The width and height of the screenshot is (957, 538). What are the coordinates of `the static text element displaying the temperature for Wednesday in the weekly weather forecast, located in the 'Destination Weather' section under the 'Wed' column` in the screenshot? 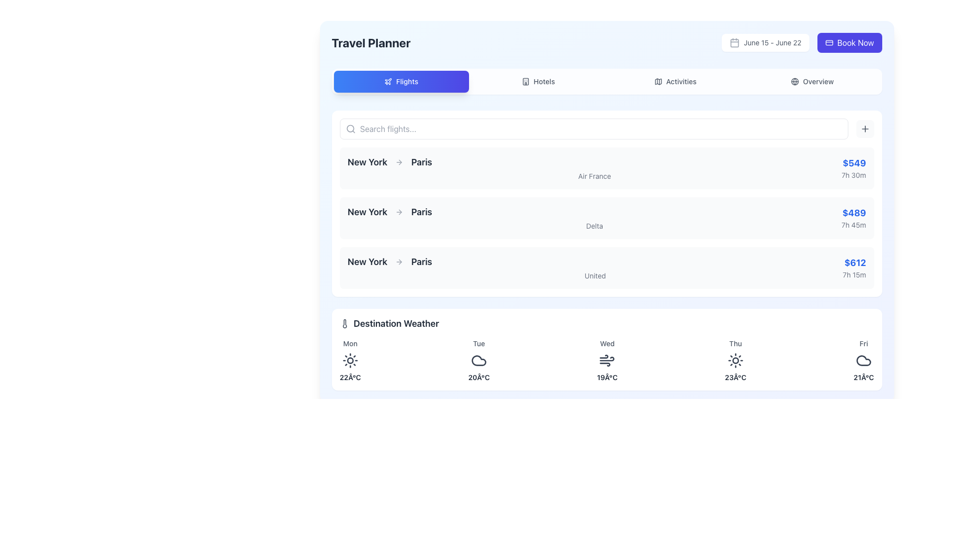 It's located at (607, 378).